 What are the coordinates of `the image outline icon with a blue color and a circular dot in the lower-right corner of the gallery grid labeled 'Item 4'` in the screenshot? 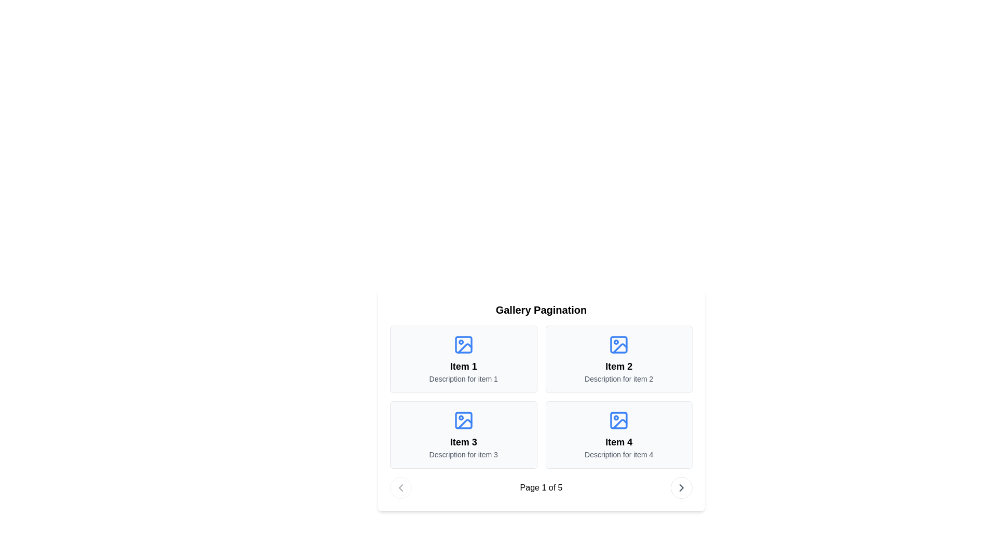 It's located at (619, 420).